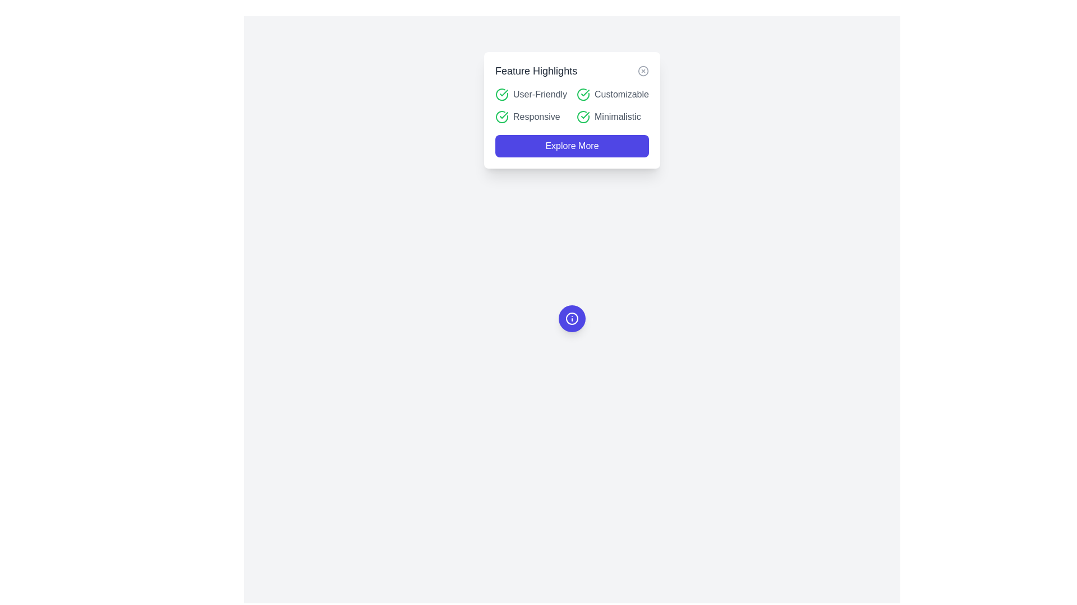 This screenshot has width=1077, height=605. I want to click on the 'User-Friendly' feature icon, which is the first icon on the left in the 'Feature Highlights' section, so click(501, 94).